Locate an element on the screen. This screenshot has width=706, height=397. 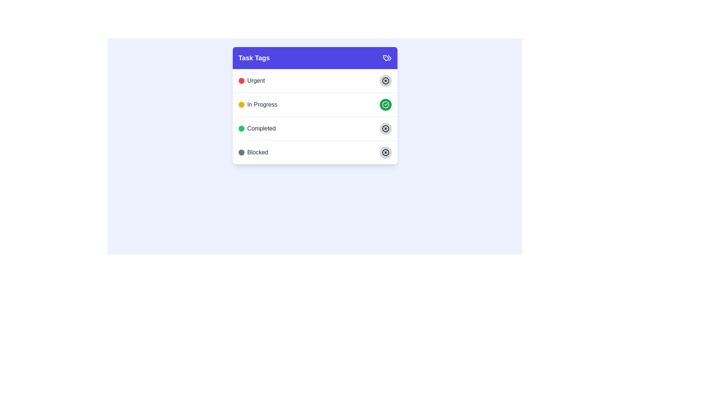
the icon representing actions or settings related to 'tags' located at the top right within the purple header bar of the 'Task Tags' section is located at coordinates (386, 58).